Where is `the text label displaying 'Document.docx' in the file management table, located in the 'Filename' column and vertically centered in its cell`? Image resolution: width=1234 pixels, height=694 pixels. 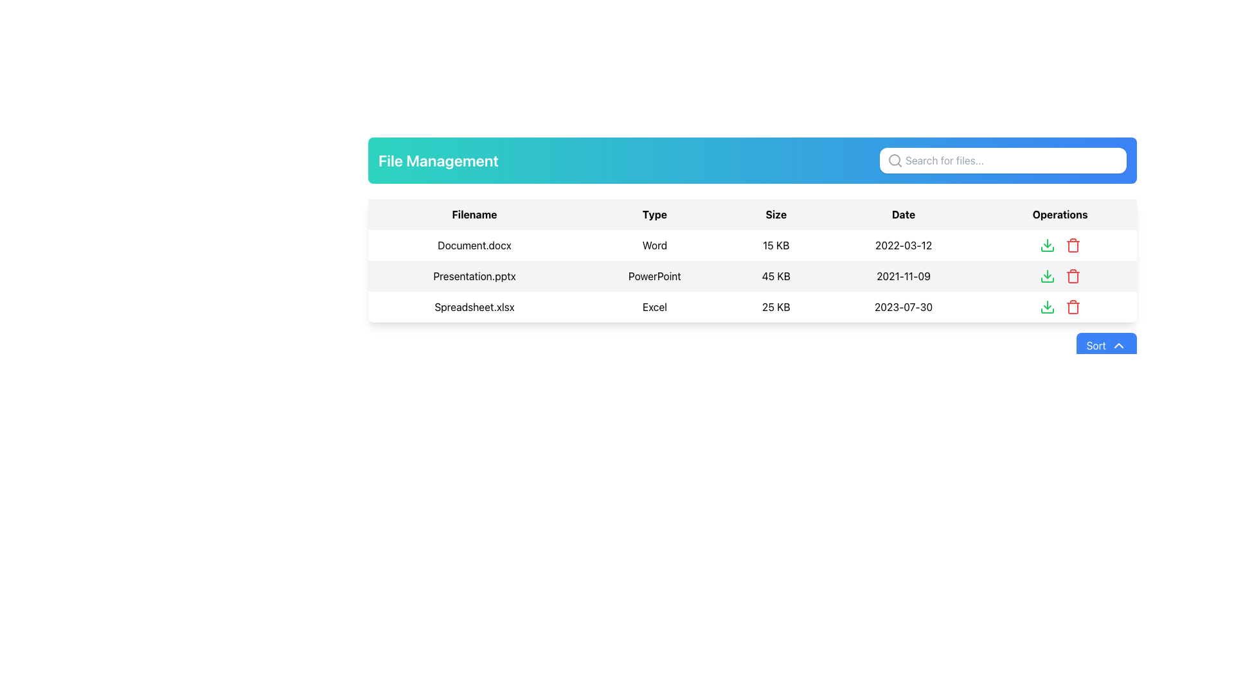 the text label displaying 'Document.docx' in the file management table, located in the 'Filename' column and vertically centered in its cell is located at coordinates (474, 245).